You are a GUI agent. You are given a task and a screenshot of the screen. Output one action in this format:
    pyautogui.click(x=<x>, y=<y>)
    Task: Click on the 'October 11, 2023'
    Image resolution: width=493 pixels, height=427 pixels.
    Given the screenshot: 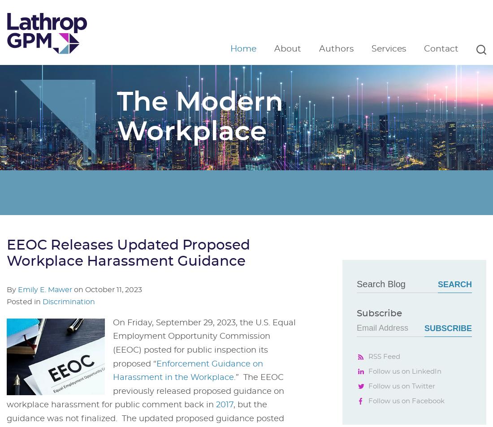 What is the action you would take?
    pyautogui.click(x=113, y=289)
    